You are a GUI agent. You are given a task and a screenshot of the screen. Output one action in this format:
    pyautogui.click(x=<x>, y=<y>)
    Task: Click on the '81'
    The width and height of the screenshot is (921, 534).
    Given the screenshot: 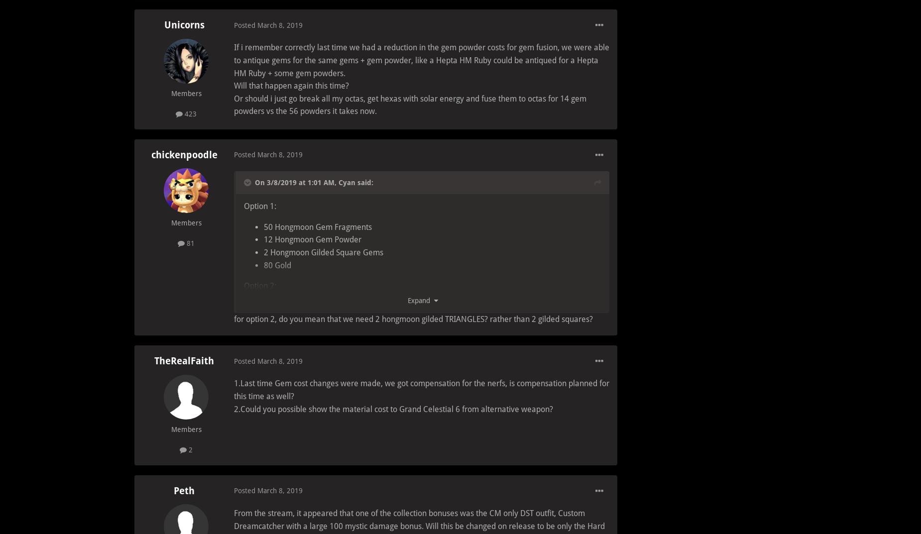 What is the action you would take?
    pyautogui.click(x=189, y=242)
    